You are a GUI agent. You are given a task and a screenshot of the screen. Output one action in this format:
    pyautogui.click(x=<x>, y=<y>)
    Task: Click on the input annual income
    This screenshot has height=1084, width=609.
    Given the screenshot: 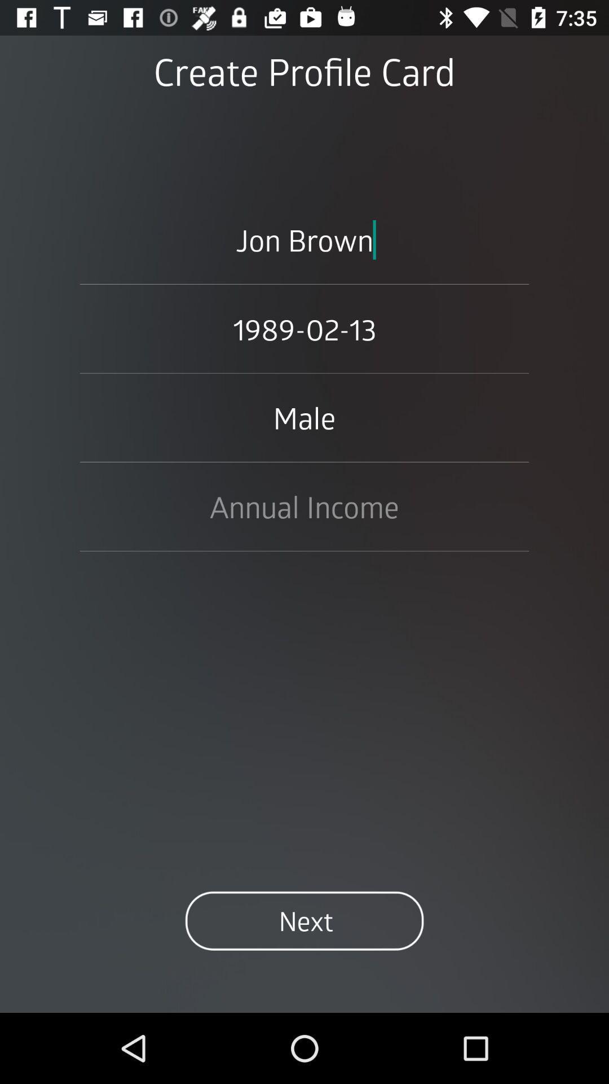 What is the action you would take?
    pyautogui.click(x=304, y=506)
    